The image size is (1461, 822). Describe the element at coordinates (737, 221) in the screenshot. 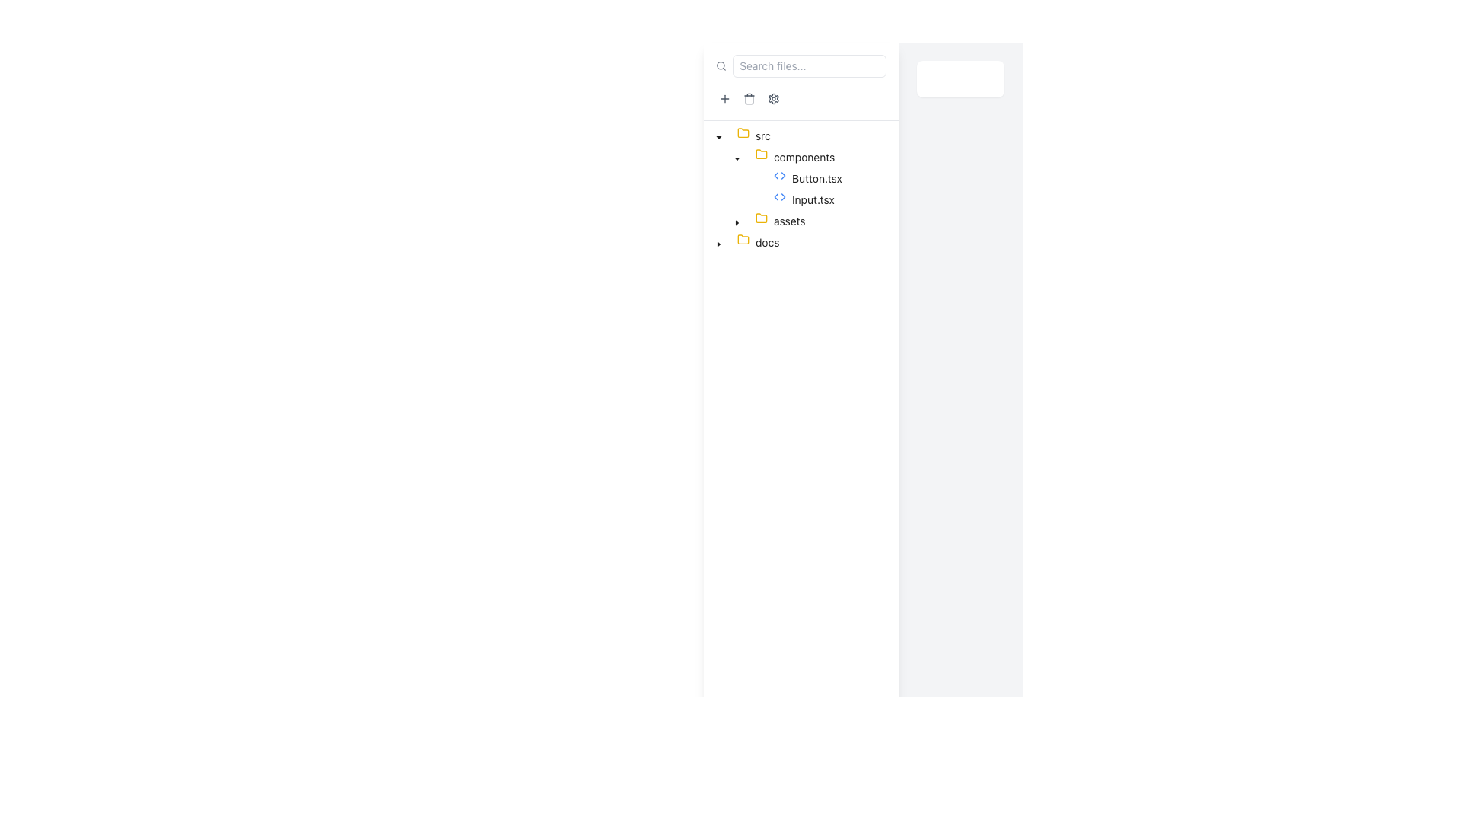

I see `the button to the left of the 'assets' folder in the file tree view` at that location.